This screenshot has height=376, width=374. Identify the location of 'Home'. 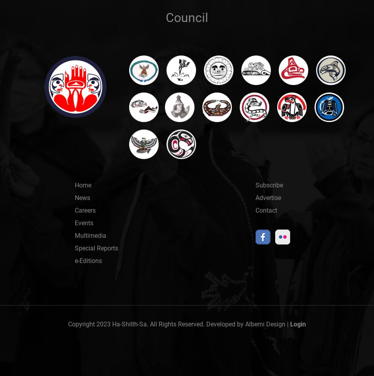
(83, 185).